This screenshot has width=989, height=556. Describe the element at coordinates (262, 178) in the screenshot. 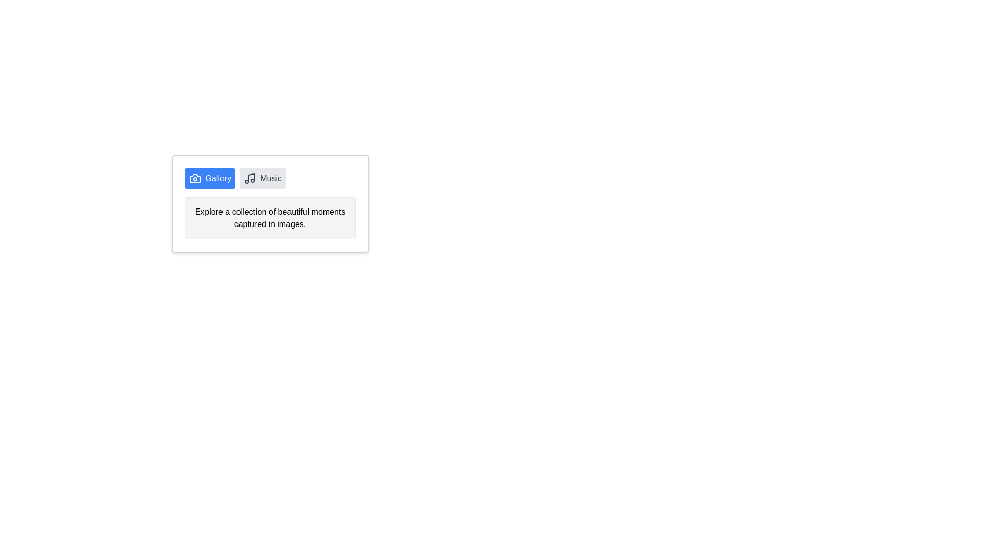

I see `the 'Music' tab button to switch to its content` at that location.